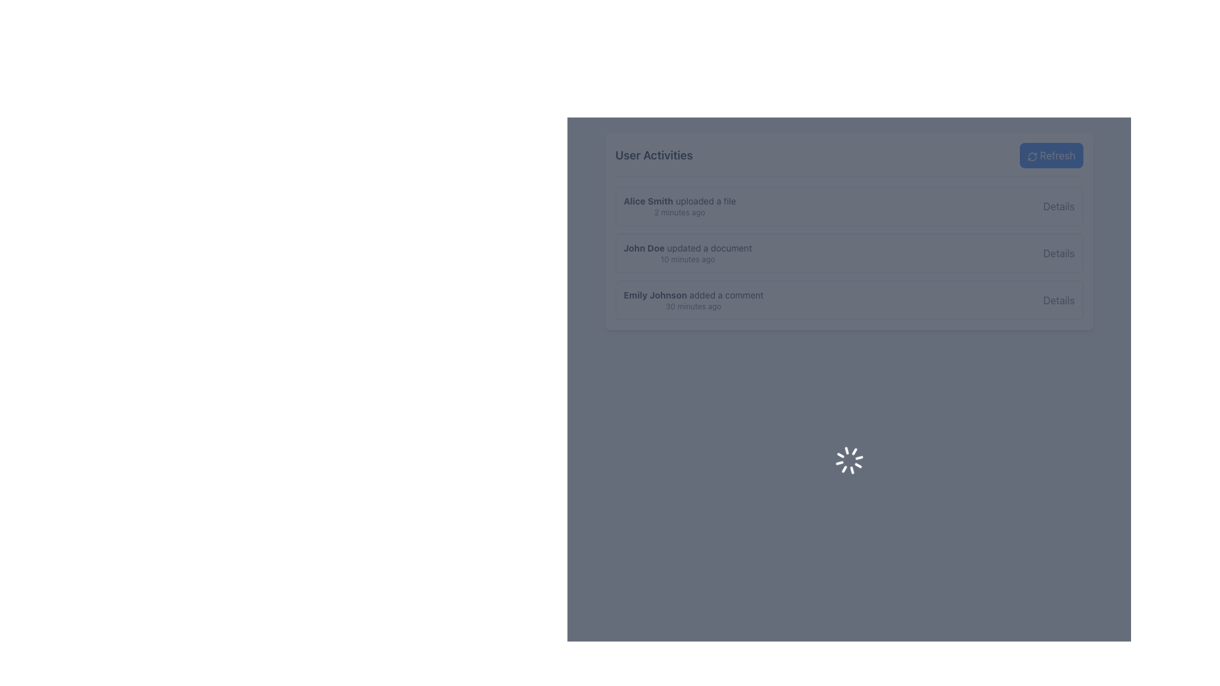 The image size is (1220, 686). What do you see at coordinates (679, 205) in the screenshot?
I see `activity details from the text block indicating that 'Alice Smith' uploaded a file, located in the 'User Activities' section, specifically the first activity item in the vertical list` at bounding box center [679, 205].